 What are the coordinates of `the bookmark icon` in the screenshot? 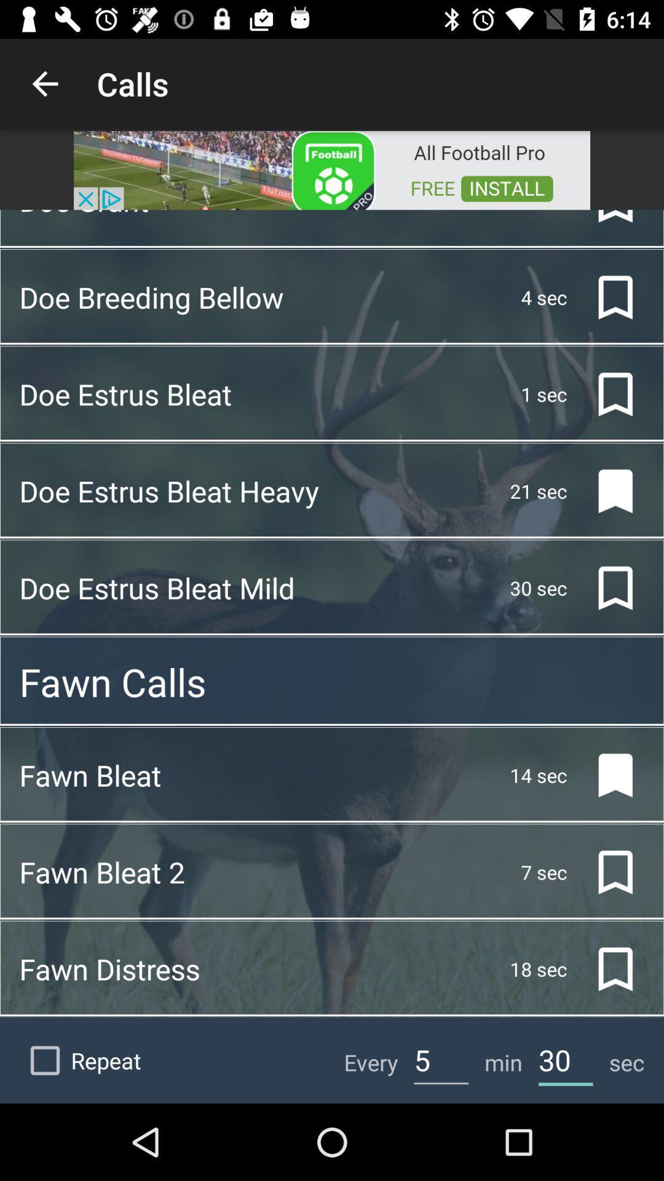 It's located at (605, 297).